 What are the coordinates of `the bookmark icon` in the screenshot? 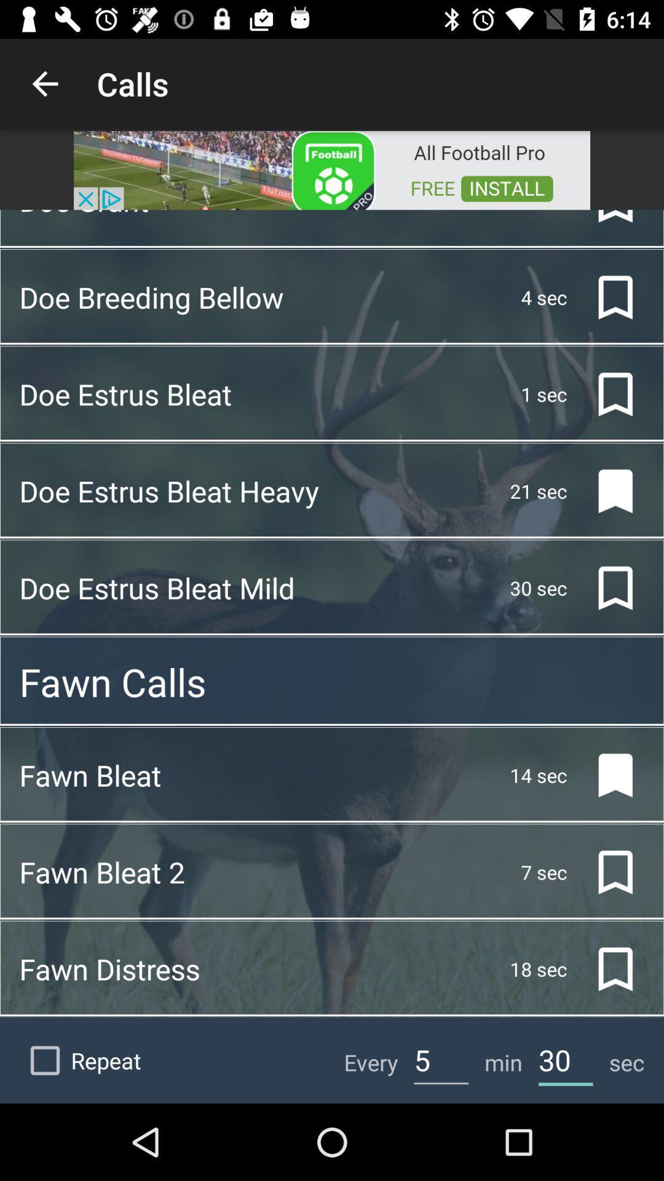 It's located at (605, 297).